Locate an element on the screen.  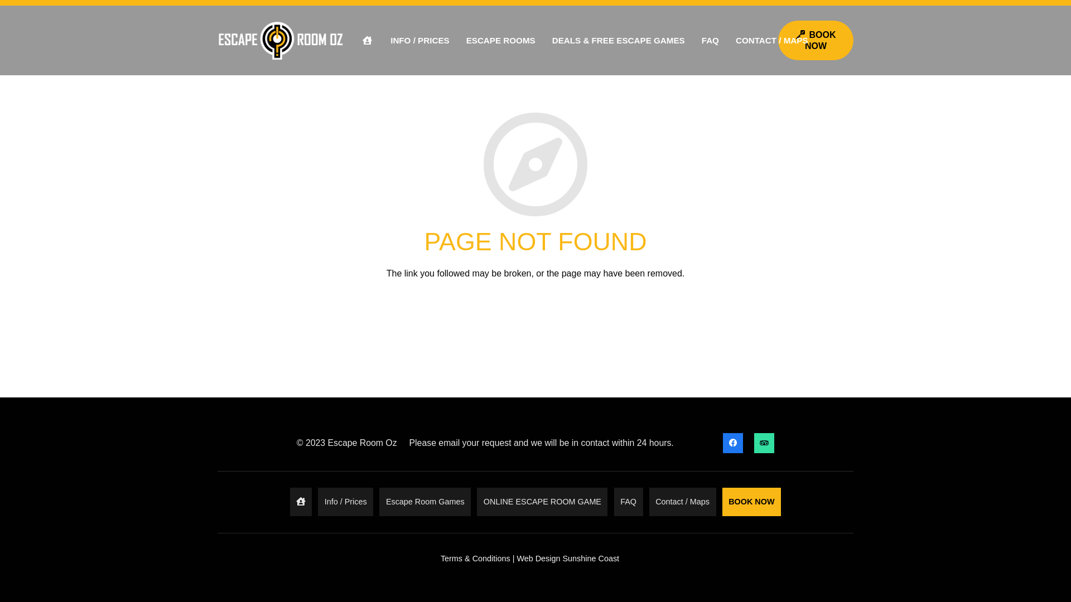
'CONTACT / MAPS' is located at coordinates (771, 40).